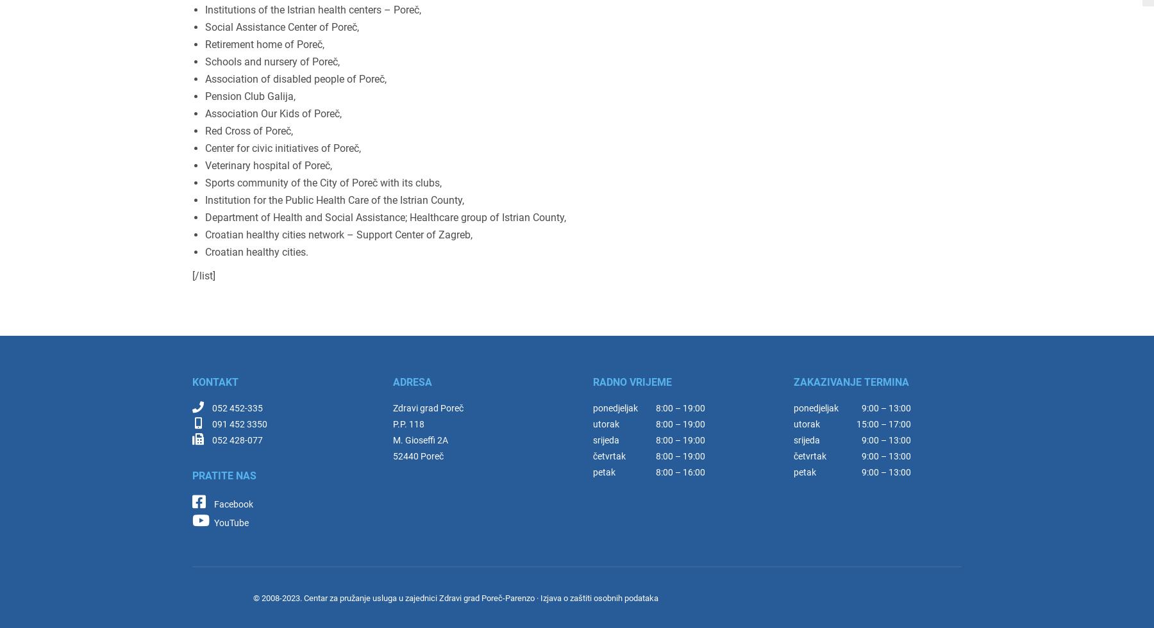 This screenshot has height=628, width=1154. Describe the element at coordinates (312, 10) in the screenshot. I see `'Institutions of the Istrian health centers – Poreč,'` at that location.